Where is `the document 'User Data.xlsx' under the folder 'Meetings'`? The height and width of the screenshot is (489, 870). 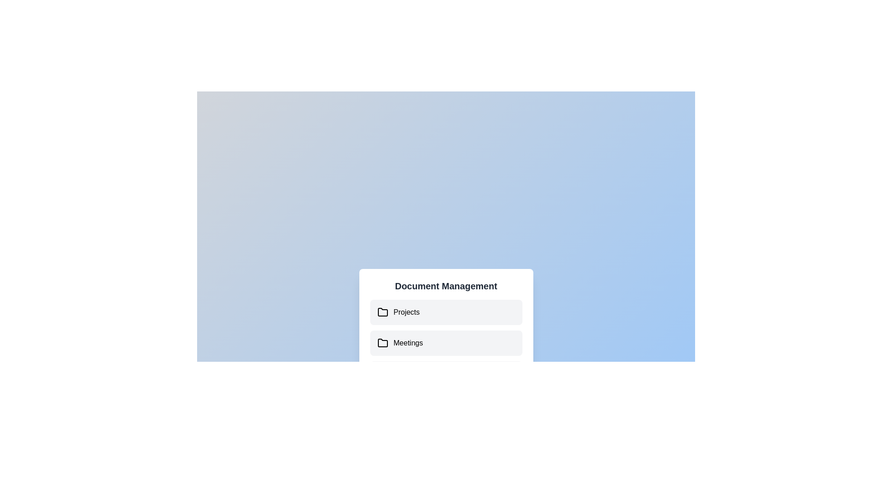 the document 'User Data.xlsx' under the folder 'Meetings' is located at coordinates (446, 343).